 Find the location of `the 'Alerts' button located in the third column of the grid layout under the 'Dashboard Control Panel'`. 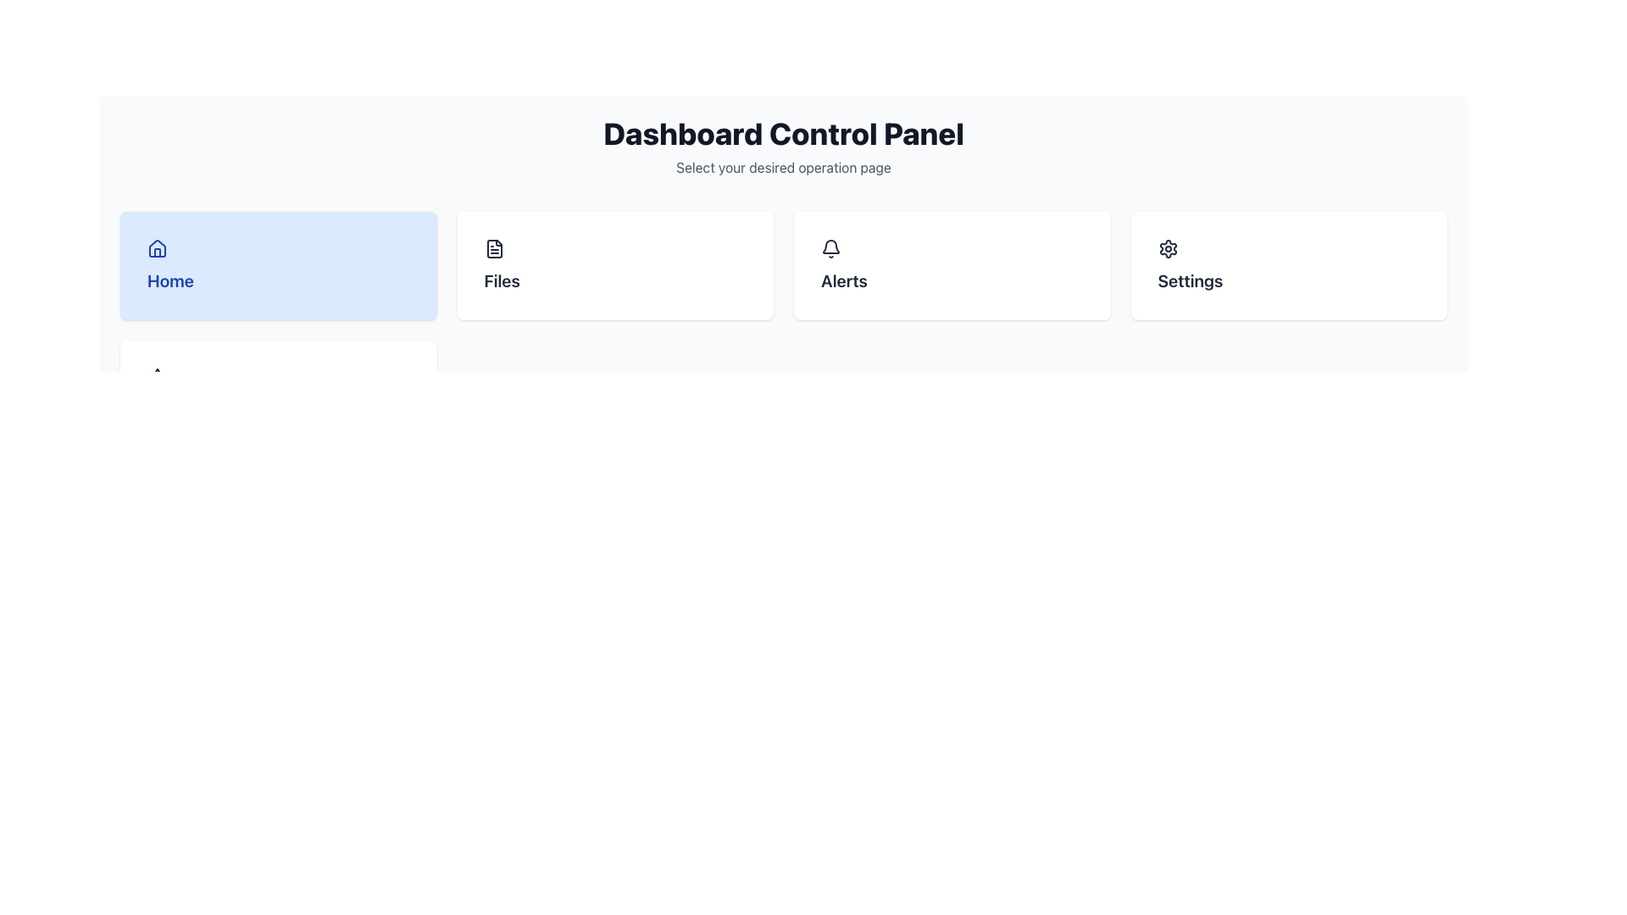

the 'Alerts' button located in the third column of the grid layout under the 'Dashboard Control Panel' is located at coordinates (952, 265).